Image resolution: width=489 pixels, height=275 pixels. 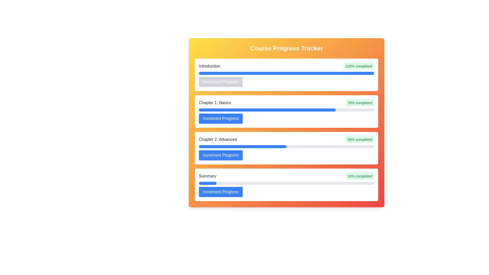 I want to click on the button that increments the progress of the related course section, located under the 'Introduction' heading and beside the '100% completed' label, so click(x=221, y=81).